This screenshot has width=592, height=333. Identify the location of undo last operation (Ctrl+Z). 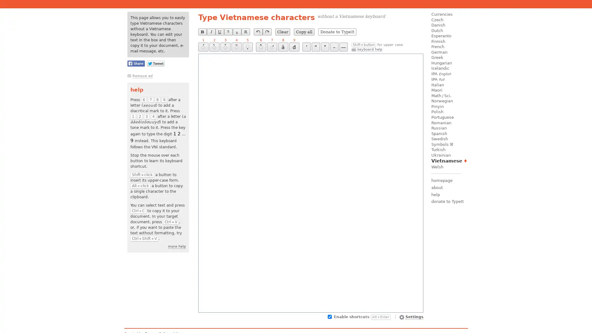
(258, 32).